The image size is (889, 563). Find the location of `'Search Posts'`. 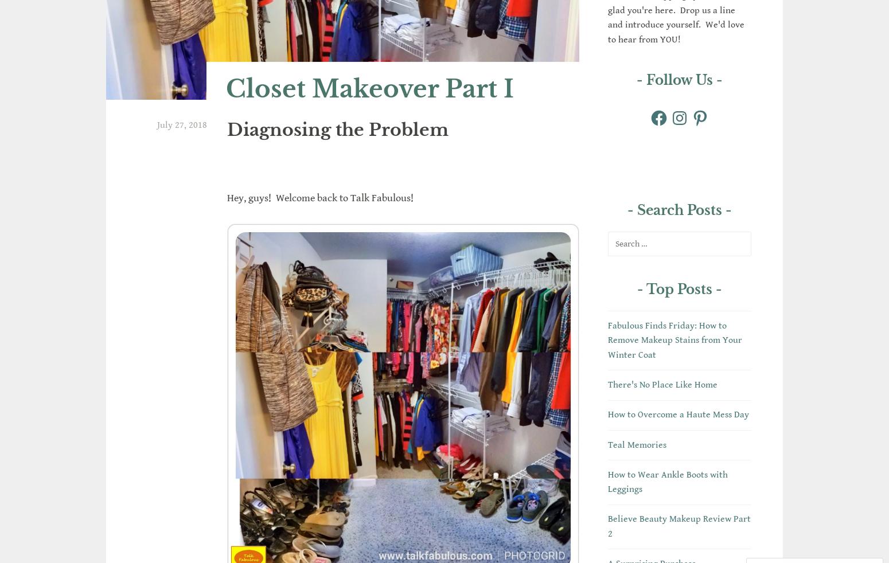

'Search Posts' is located at coordinates (679, 210).